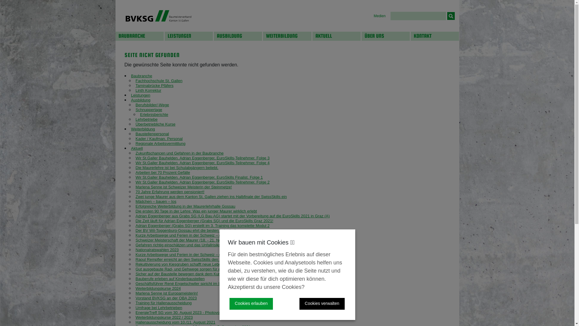 Image resolution: width=579 pixels, height=326 pixels. What do you see at coordinates (130, 148) in the screenshot?
I see `'Aktuell'` at bounding box center [130, 148].